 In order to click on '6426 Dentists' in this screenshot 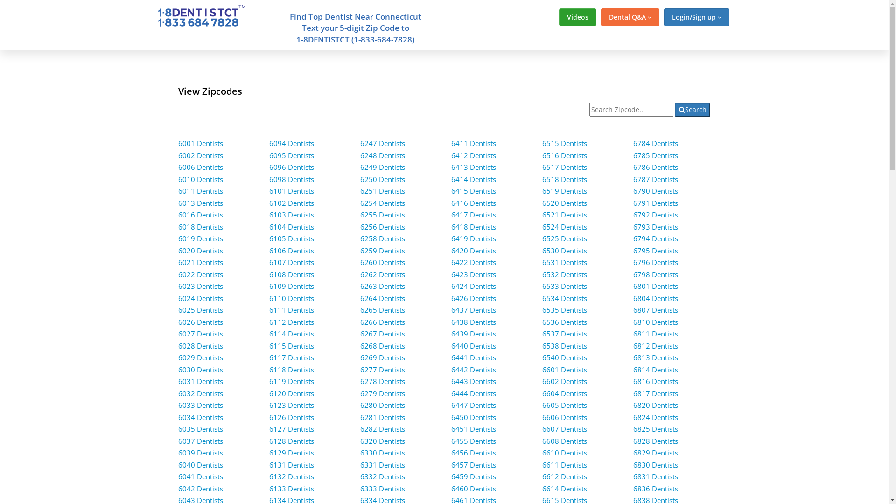, I will do `click(451, 298)`.